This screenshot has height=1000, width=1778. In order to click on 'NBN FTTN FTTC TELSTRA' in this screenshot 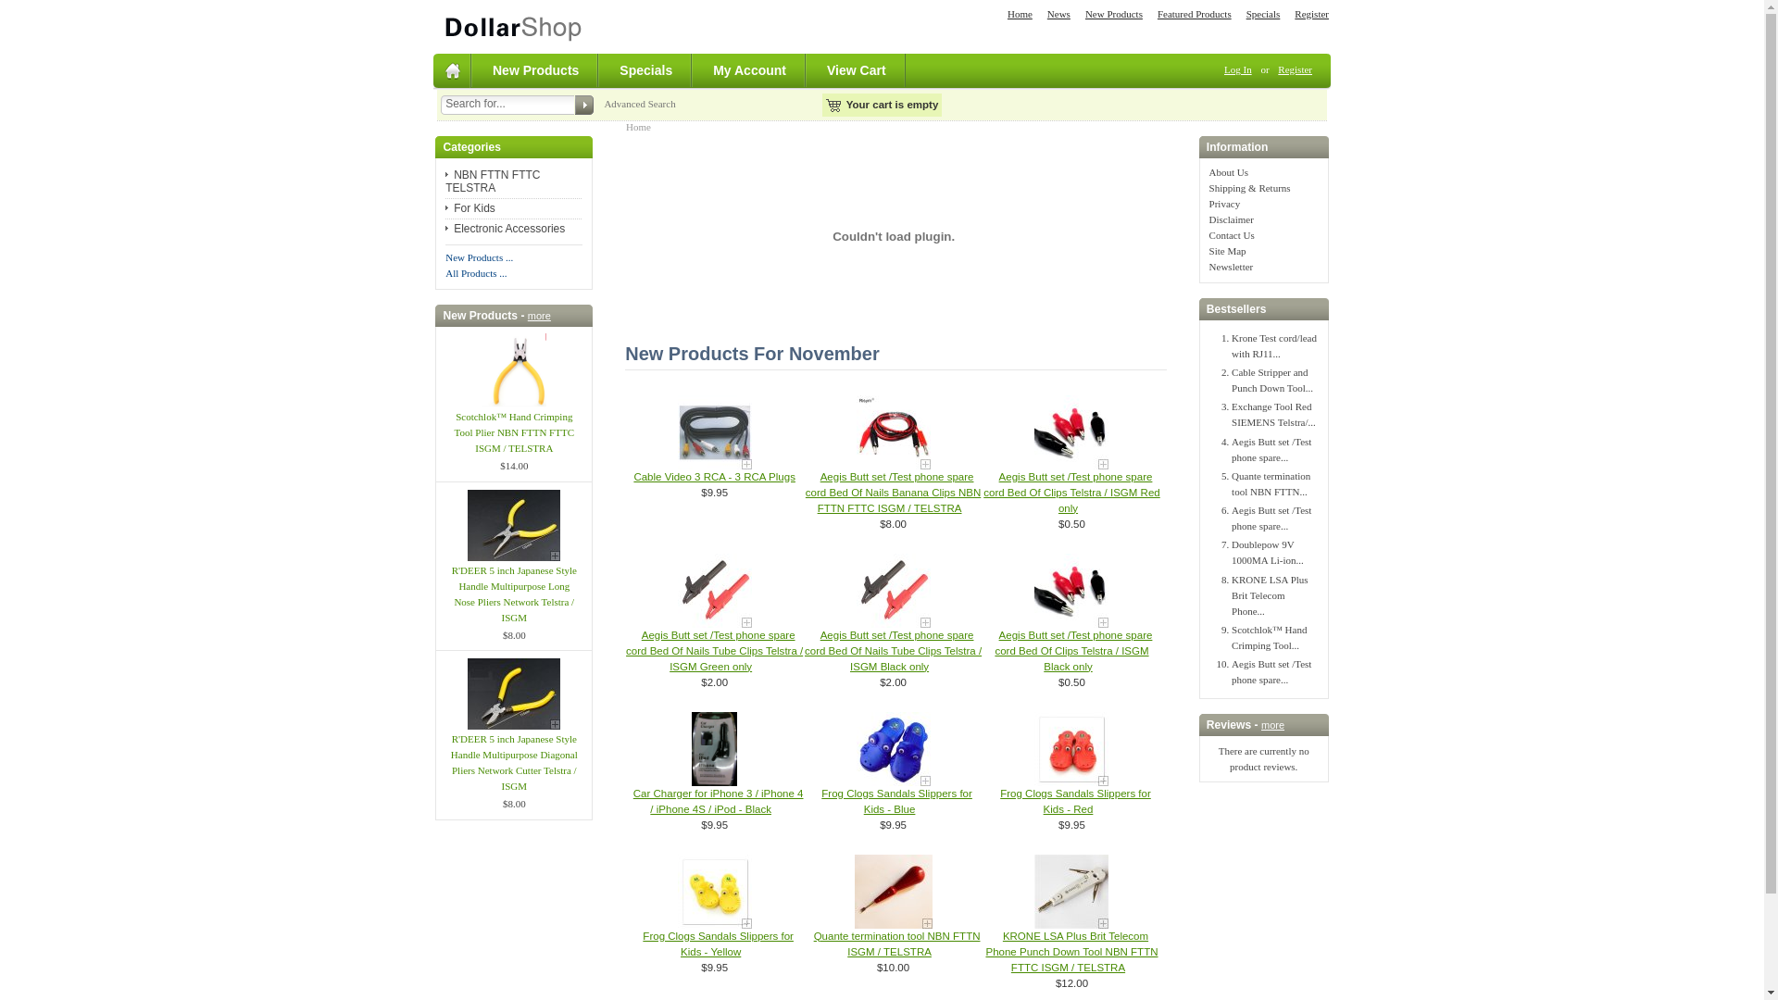, I will do `click(493, 181)`.